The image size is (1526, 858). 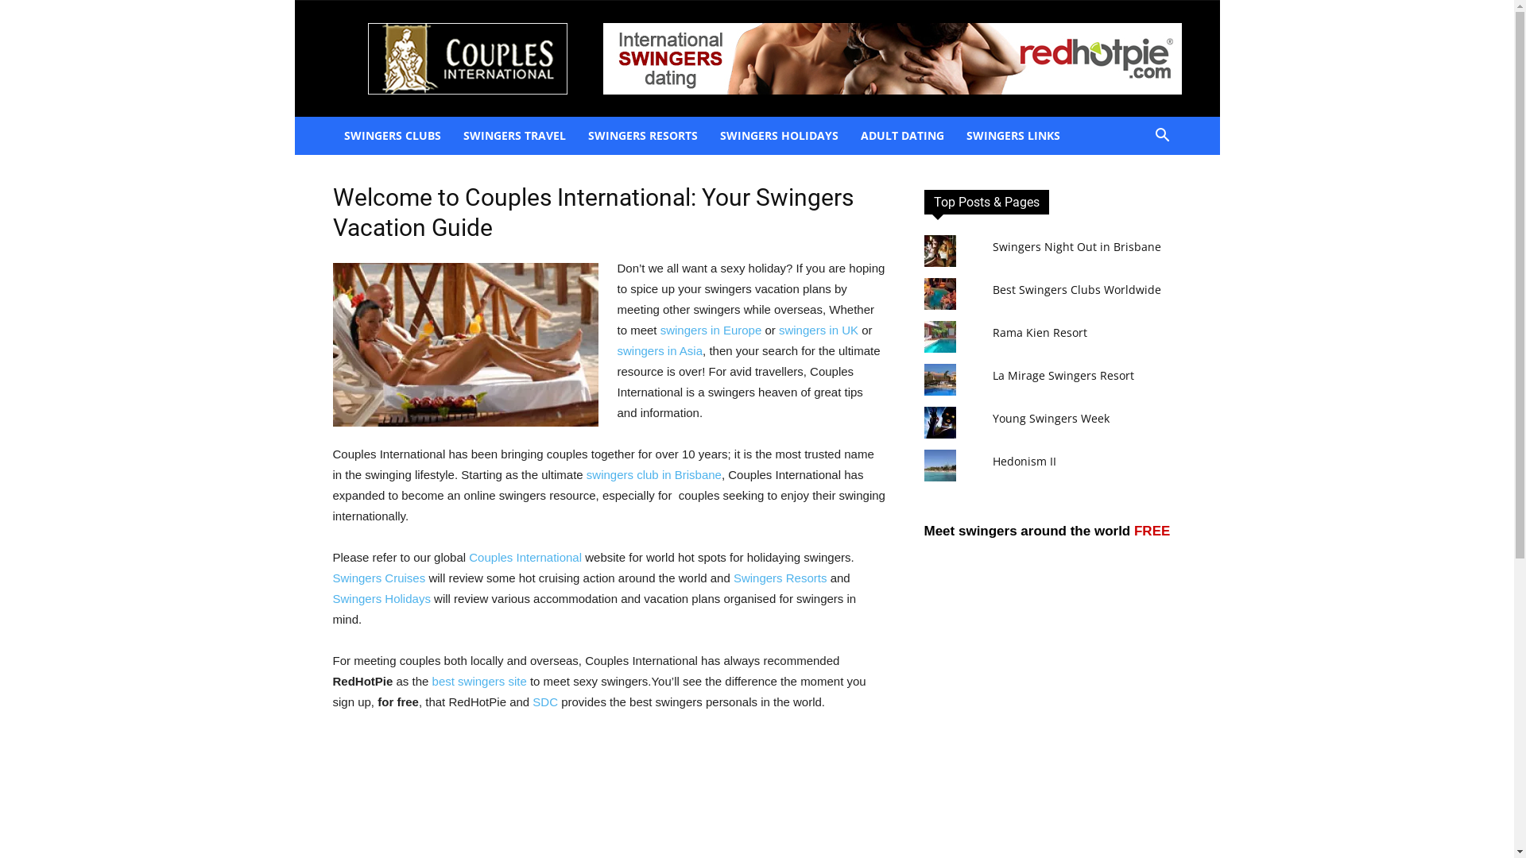 What do you see at coordinates (1063, 375) in the screenshot?
I see `'La Mirage Swingers Resort'` at bounding box center [1063, 375].